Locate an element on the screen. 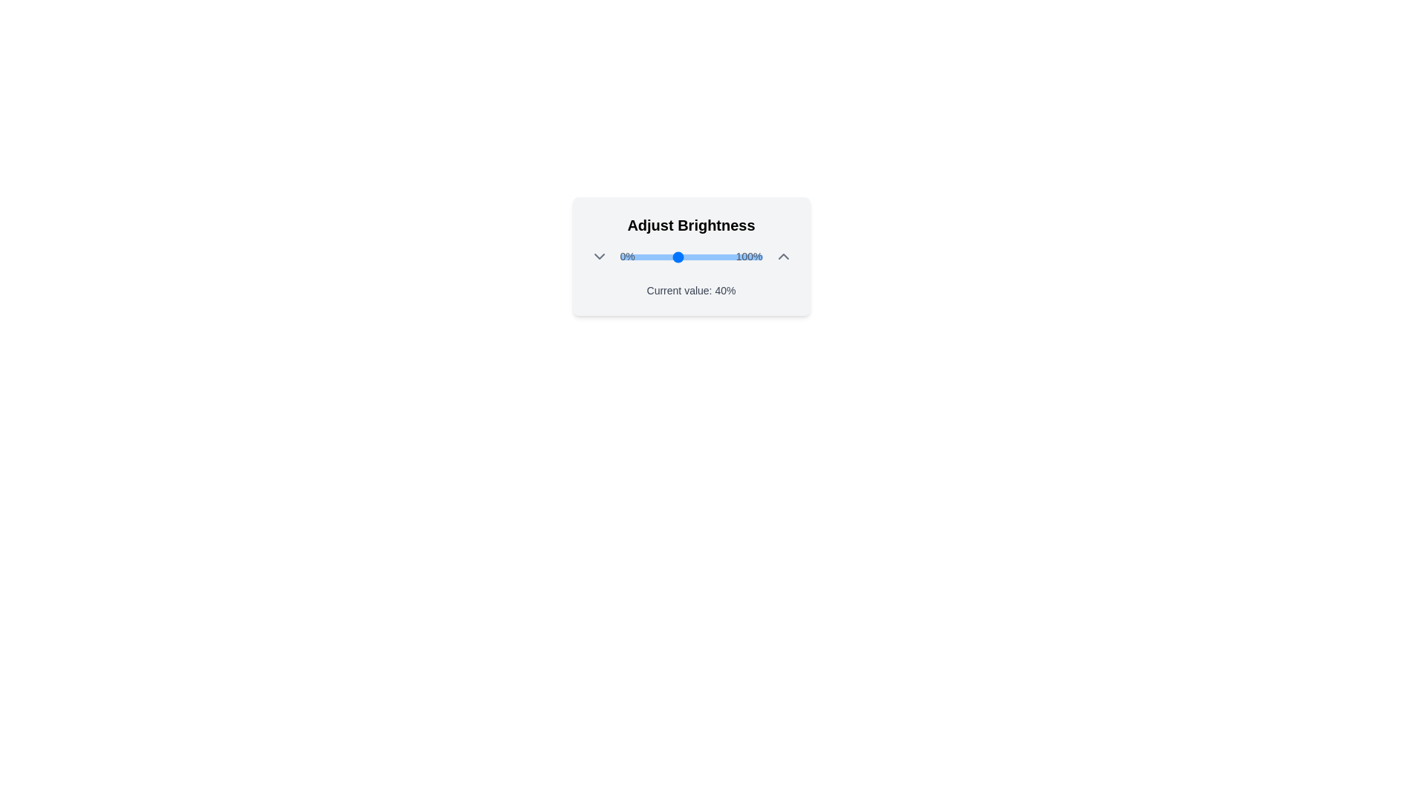 Image resolution: width=1425 pixels, height=801 pixels. the static text label displaying '100%' located at the right end of the brightness slider, indicating the maximum value is located at coordinates (749, 256).